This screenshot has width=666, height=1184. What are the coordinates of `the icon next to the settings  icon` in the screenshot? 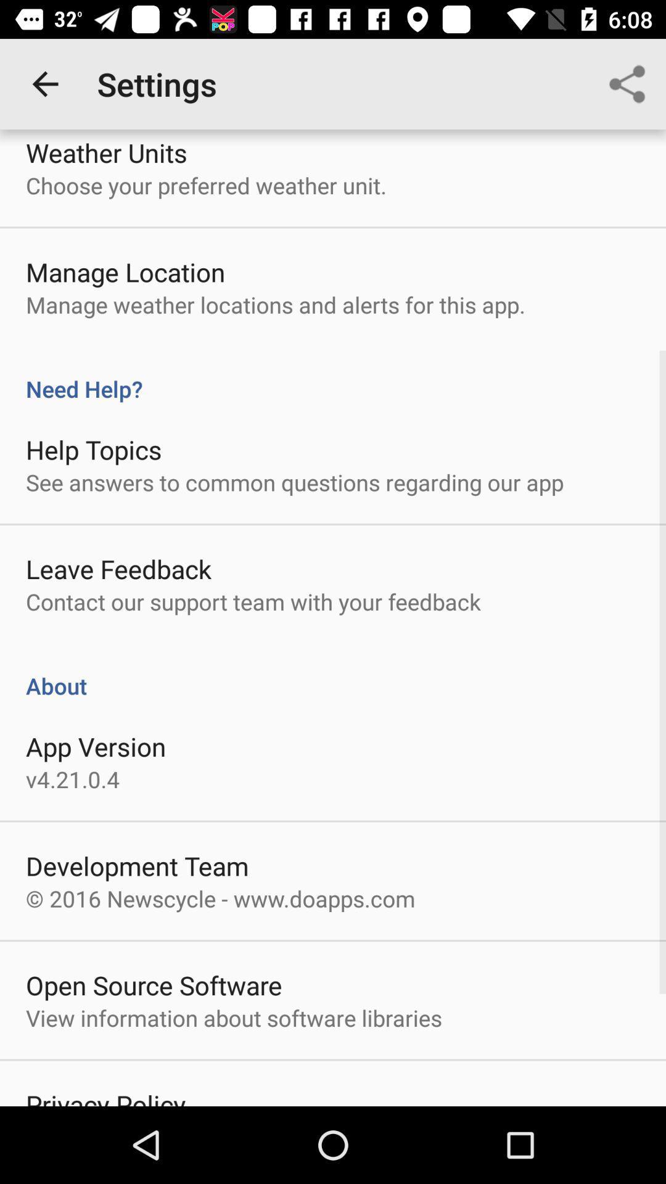 It's located at (44, 83).